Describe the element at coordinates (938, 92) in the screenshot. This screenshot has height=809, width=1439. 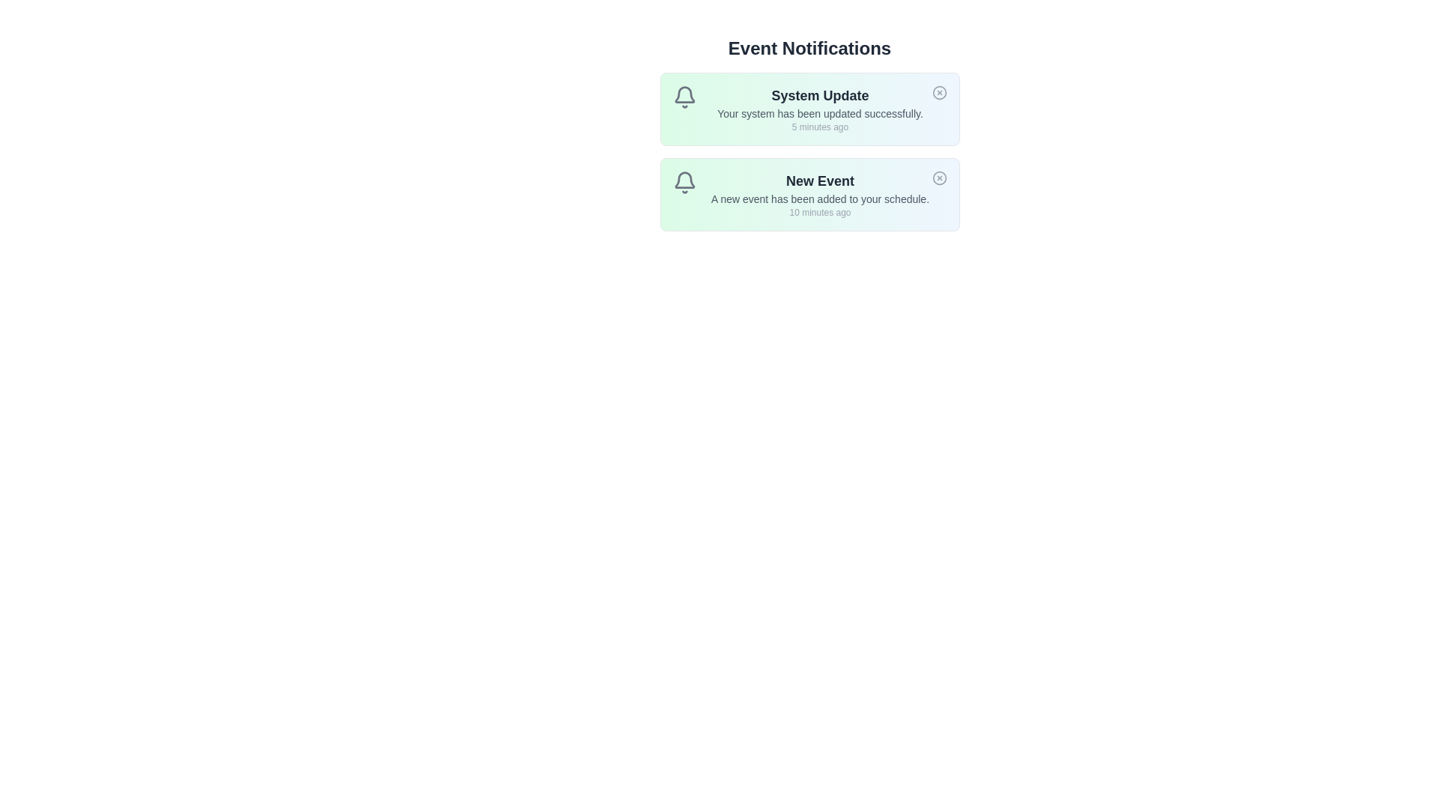
I see `close button for the notification titled System Update` at that location.